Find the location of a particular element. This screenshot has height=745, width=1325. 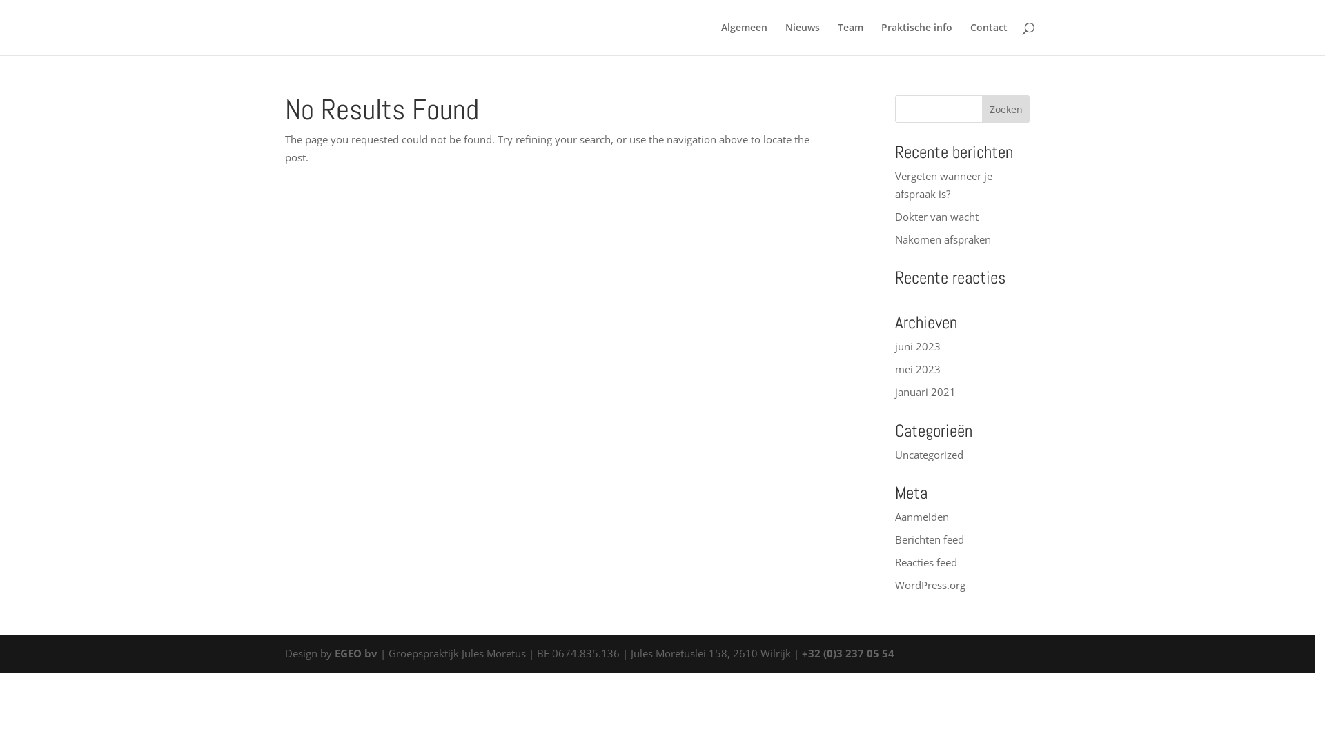

'Nakomen afspraken' is located at coordinates (942, 238).